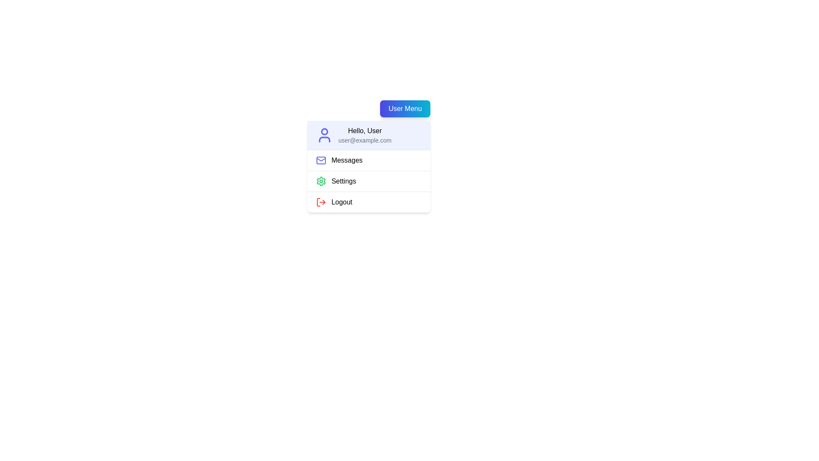 The image size is (819, 461). Describe the element at coordinates (369, 181) in the screenshot. I see `the menu item Settings` at that location.